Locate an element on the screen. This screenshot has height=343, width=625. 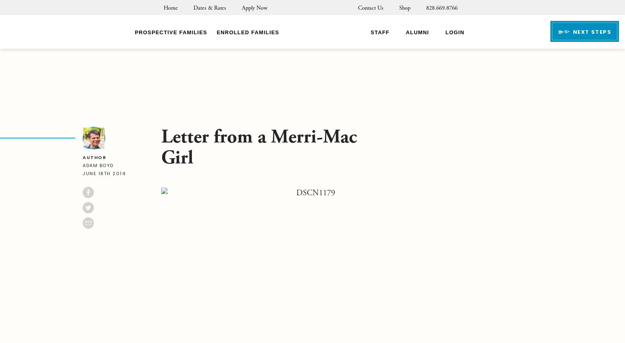
'828.669.8766' is located at coordinates (441, 8).